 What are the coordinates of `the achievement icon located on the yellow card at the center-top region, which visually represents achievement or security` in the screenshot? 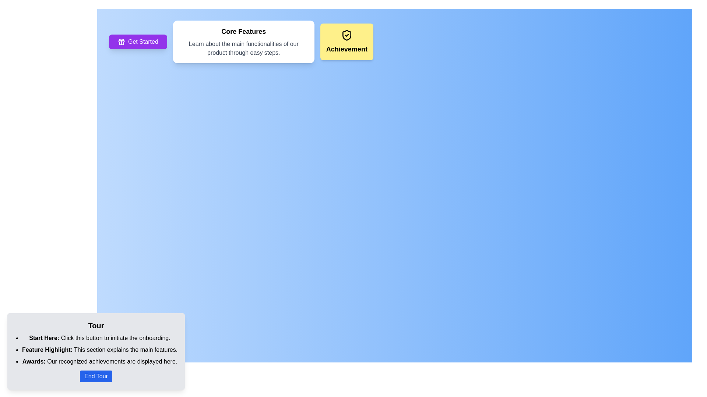 It's located at (346, 35).